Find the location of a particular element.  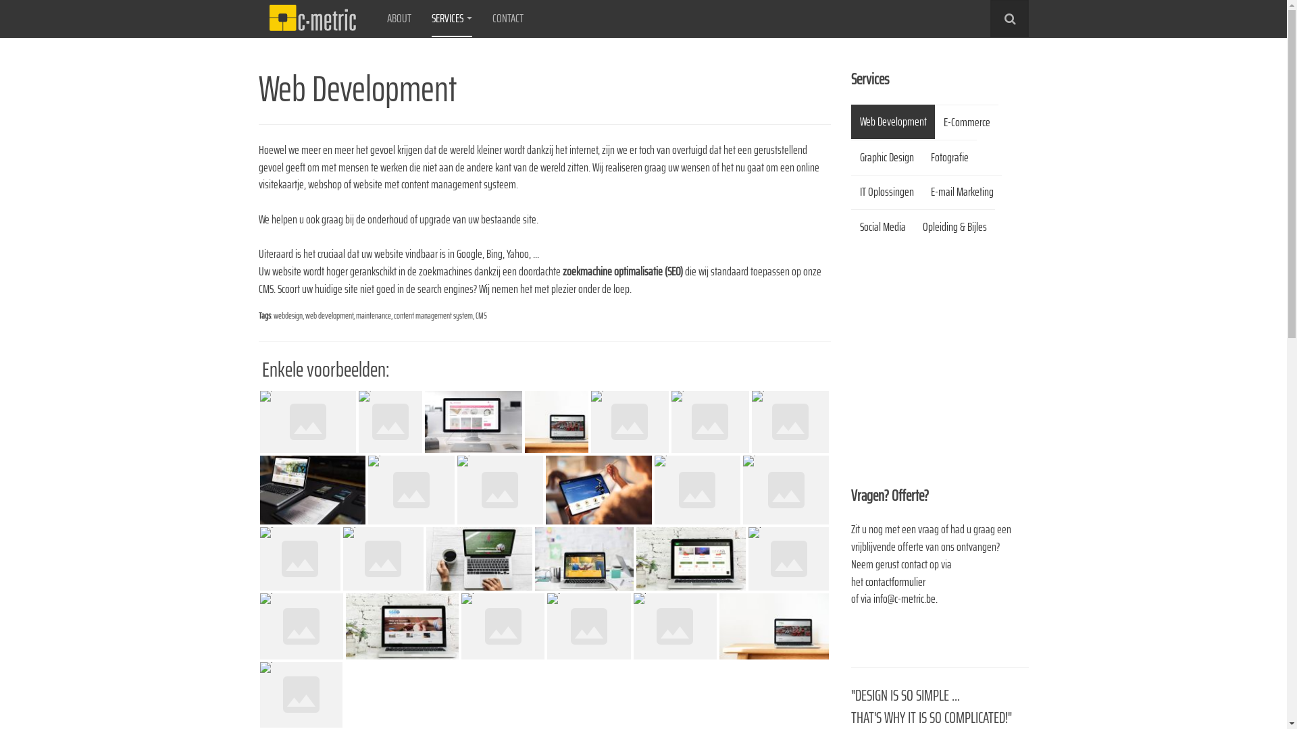

'Social Media' is located at coordinates (882, 226).